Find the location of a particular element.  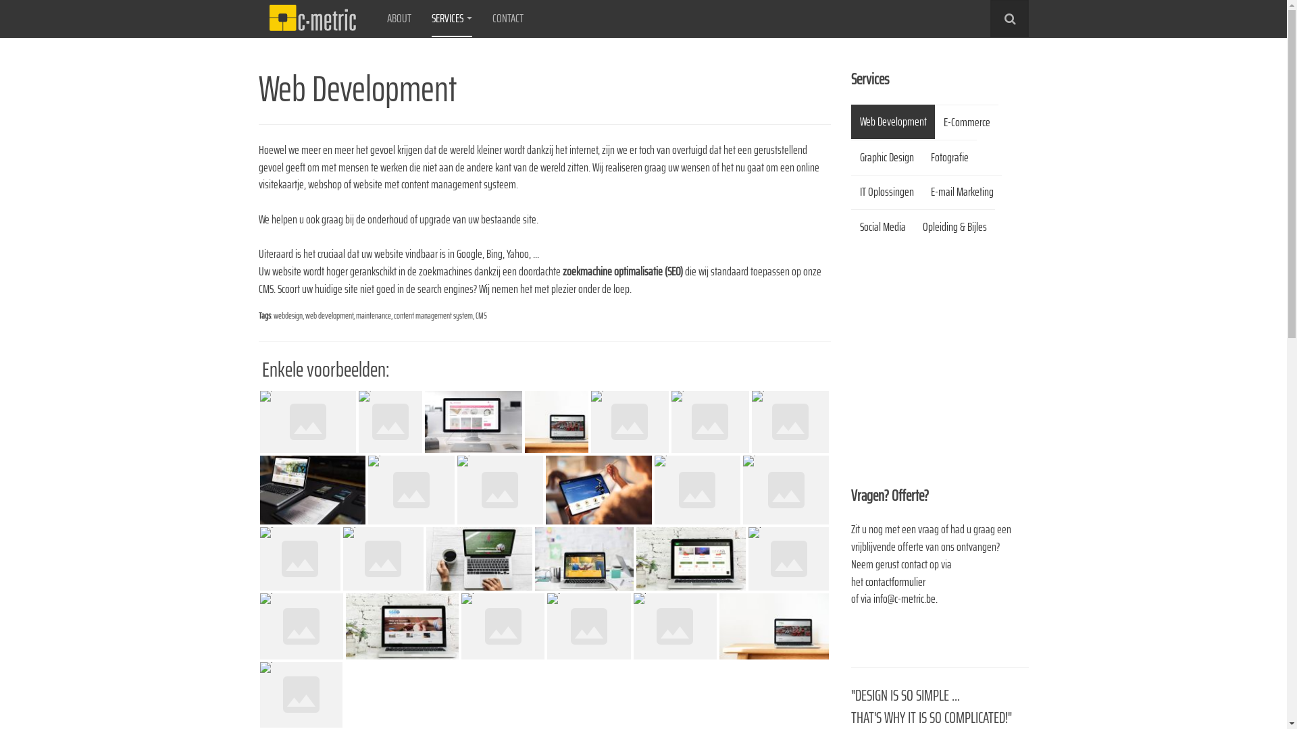

'Social Media' is located at coordinates (882, 226).